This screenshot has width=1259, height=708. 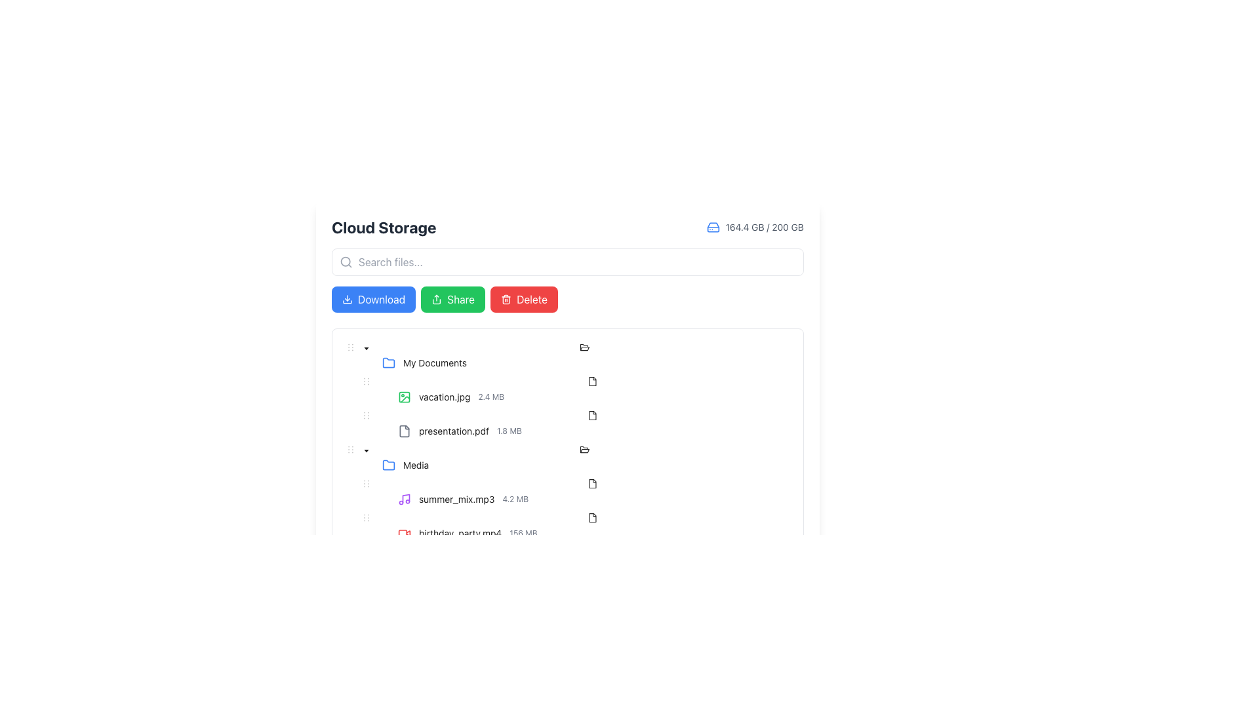 What do you see at coordinates (366, 450) in the screenshot?
I see `the small downward-pointing caret icon next to the 'Media' folder entry in the file tree` at bounding box center [366, 450].